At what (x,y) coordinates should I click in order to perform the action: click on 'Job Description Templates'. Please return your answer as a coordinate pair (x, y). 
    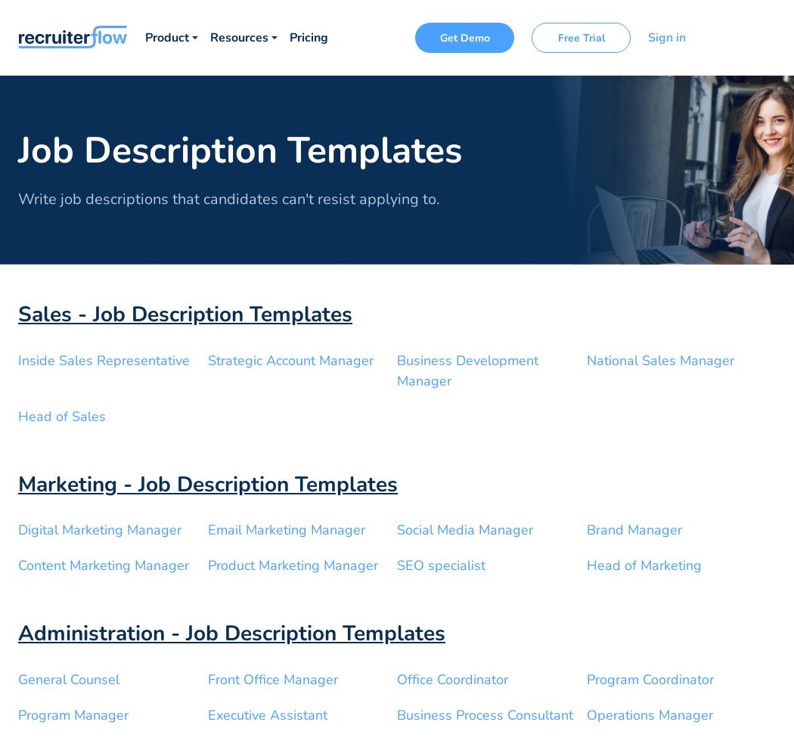
    Looking at the image, I should click on (240, 150).